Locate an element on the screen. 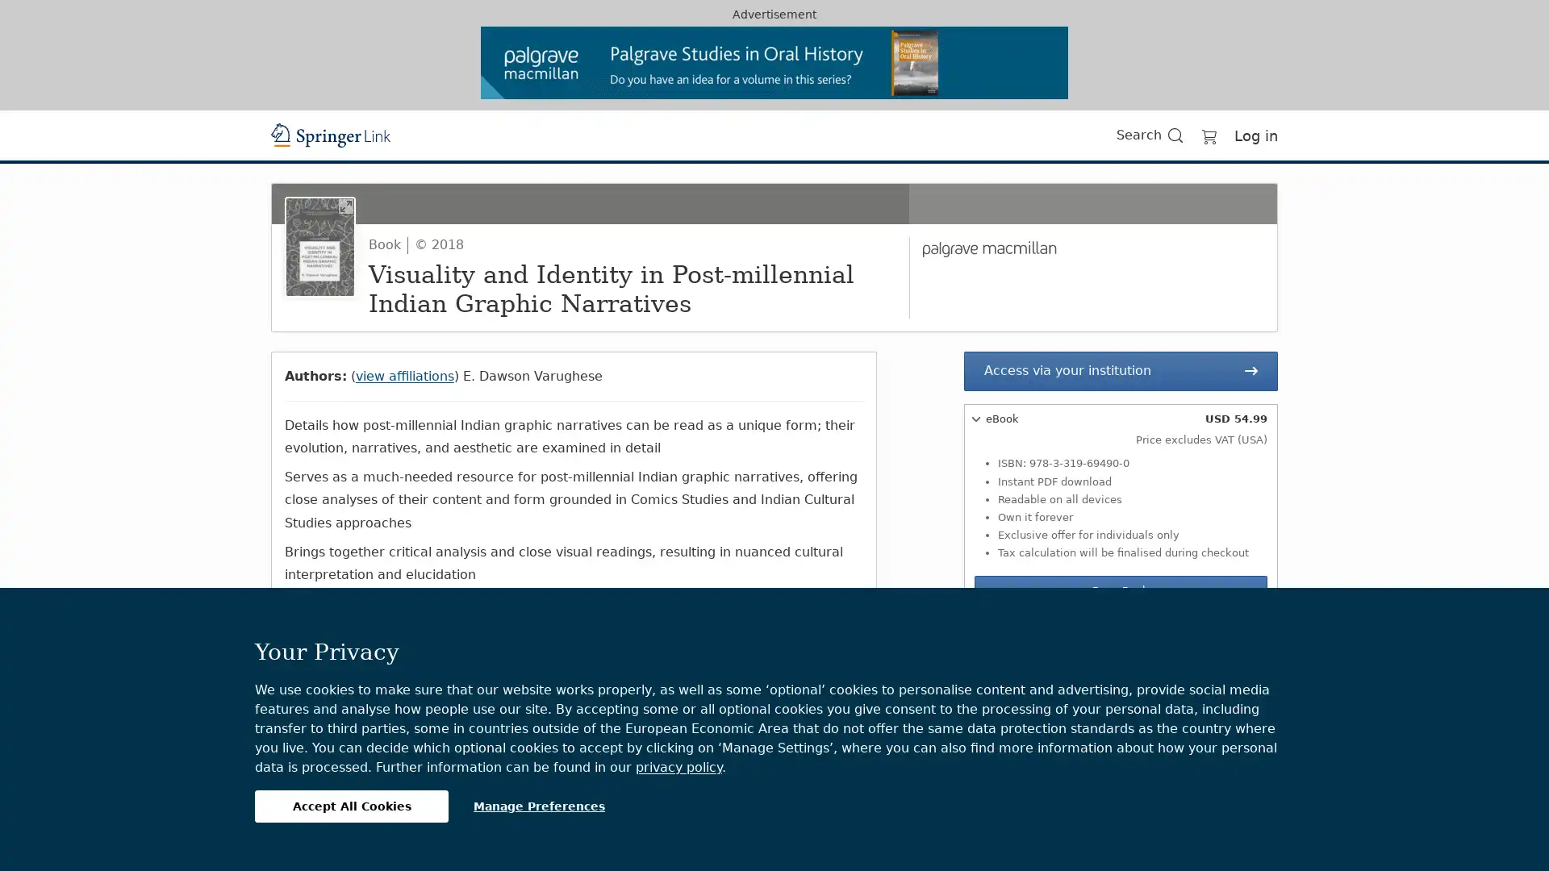 The image size is (1549, 871). Accept All Cookies is located at coordinates (351, 806).